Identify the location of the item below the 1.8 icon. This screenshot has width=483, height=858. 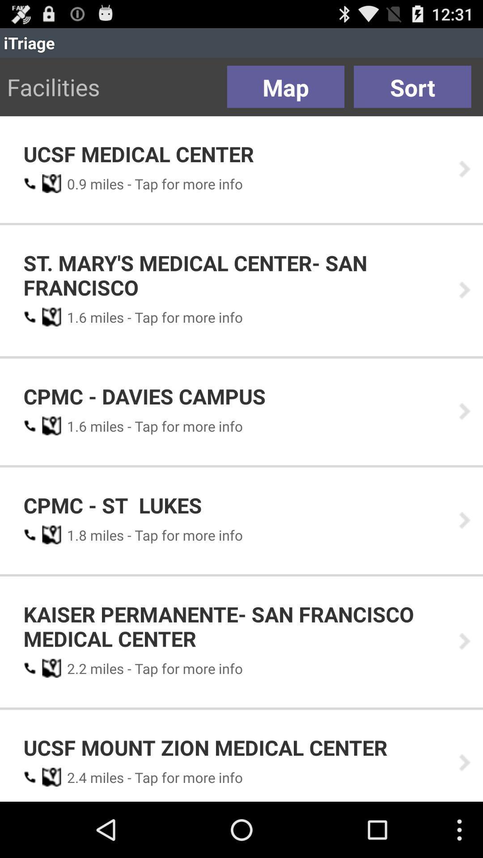
(234, 626).